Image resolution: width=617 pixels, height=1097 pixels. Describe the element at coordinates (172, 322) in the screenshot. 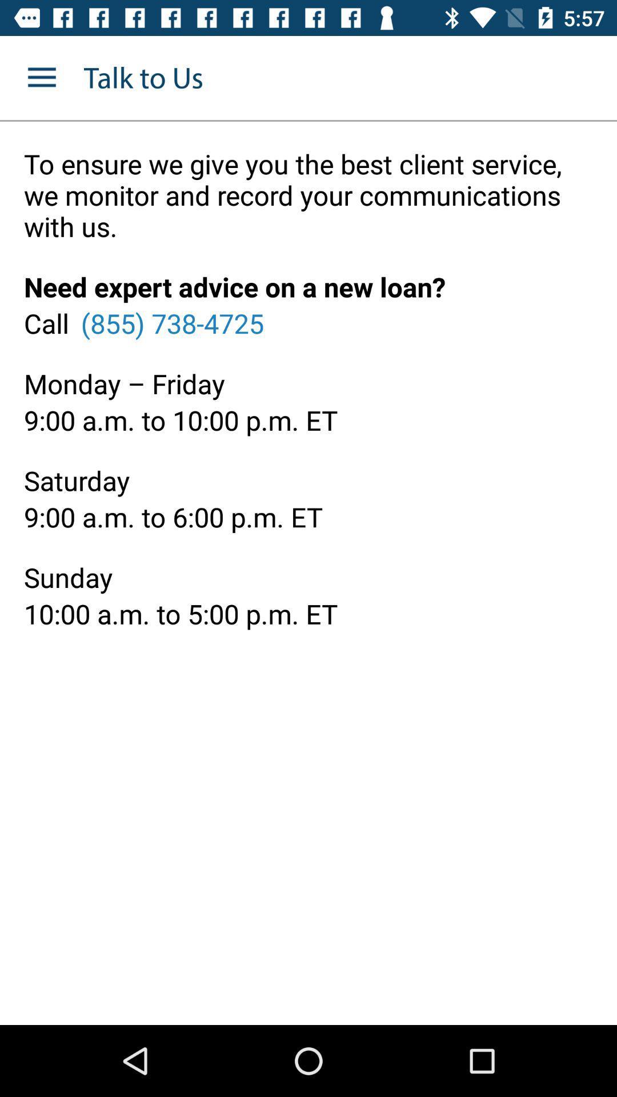

I see `the (855) 738-4725 item` at that location.